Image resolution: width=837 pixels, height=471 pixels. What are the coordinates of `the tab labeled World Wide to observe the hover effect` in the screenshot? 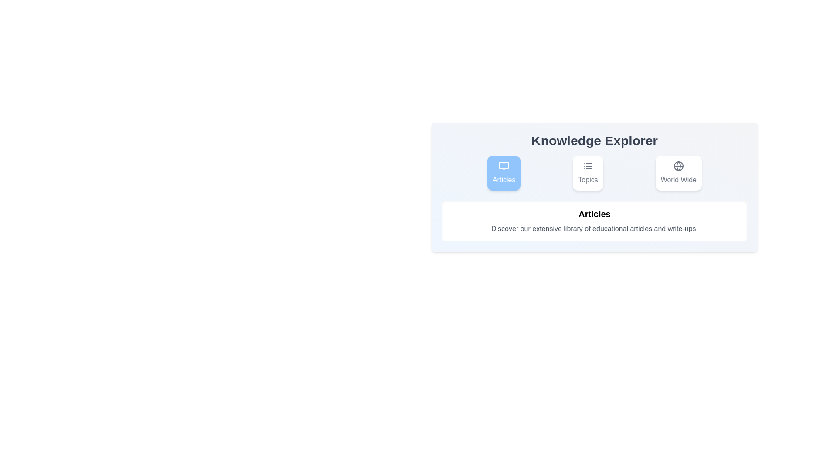 It's located at (677, 173).